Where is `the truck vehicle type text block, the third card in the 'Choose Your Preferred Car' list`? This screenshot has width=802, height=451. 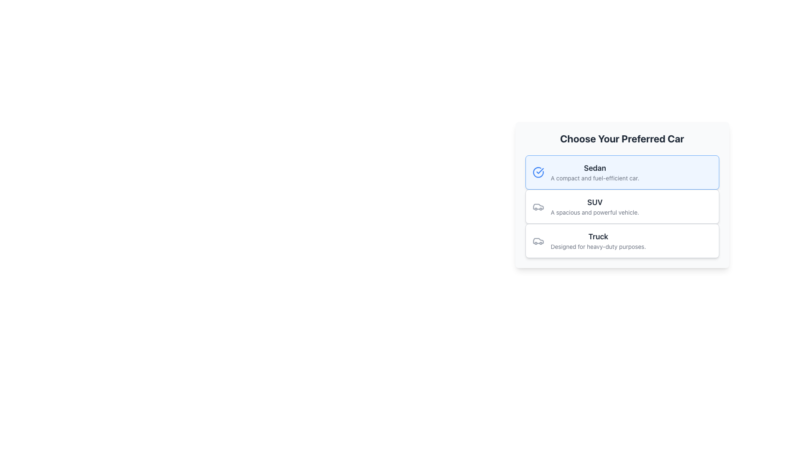
the truck vehicle type text block, the third card in the 'Choose Your Preferred Car' list is located at coordinates (598, 241).